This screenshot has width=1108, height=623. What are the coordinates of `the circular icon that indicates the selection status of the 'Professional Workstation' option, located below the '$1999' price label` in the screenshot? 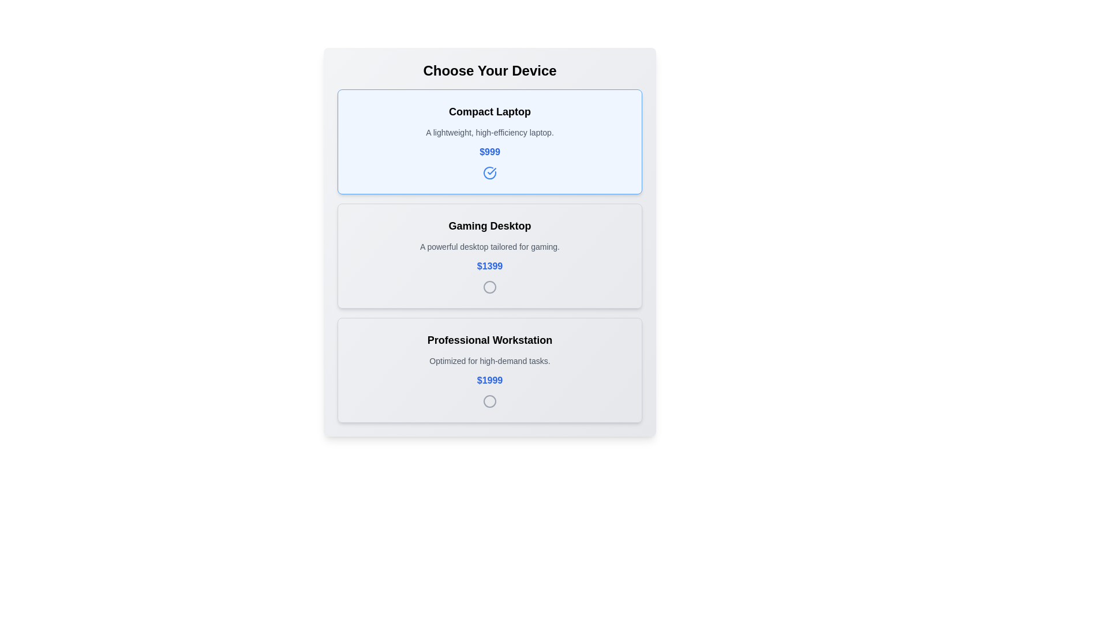 It's located at (490, 400).